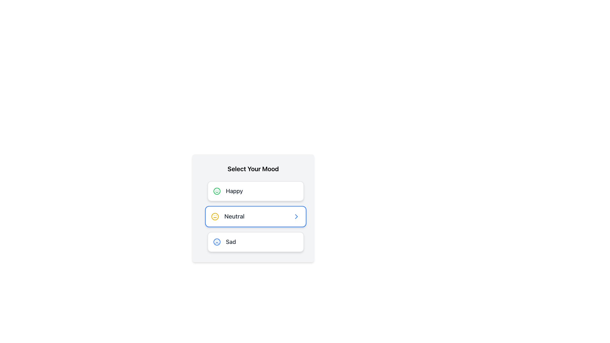 Image resolution: width=610 pixels, height=343 pixels. What do you see at coordinates (234, 216) in the screenshot?
I see `the text label displaying 'Neutral'` at bounding box center [234, 216].